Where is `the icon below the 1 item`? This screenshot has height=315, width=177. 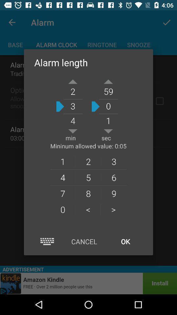 the icon below the 1 item is located at coordinates (88, 177).